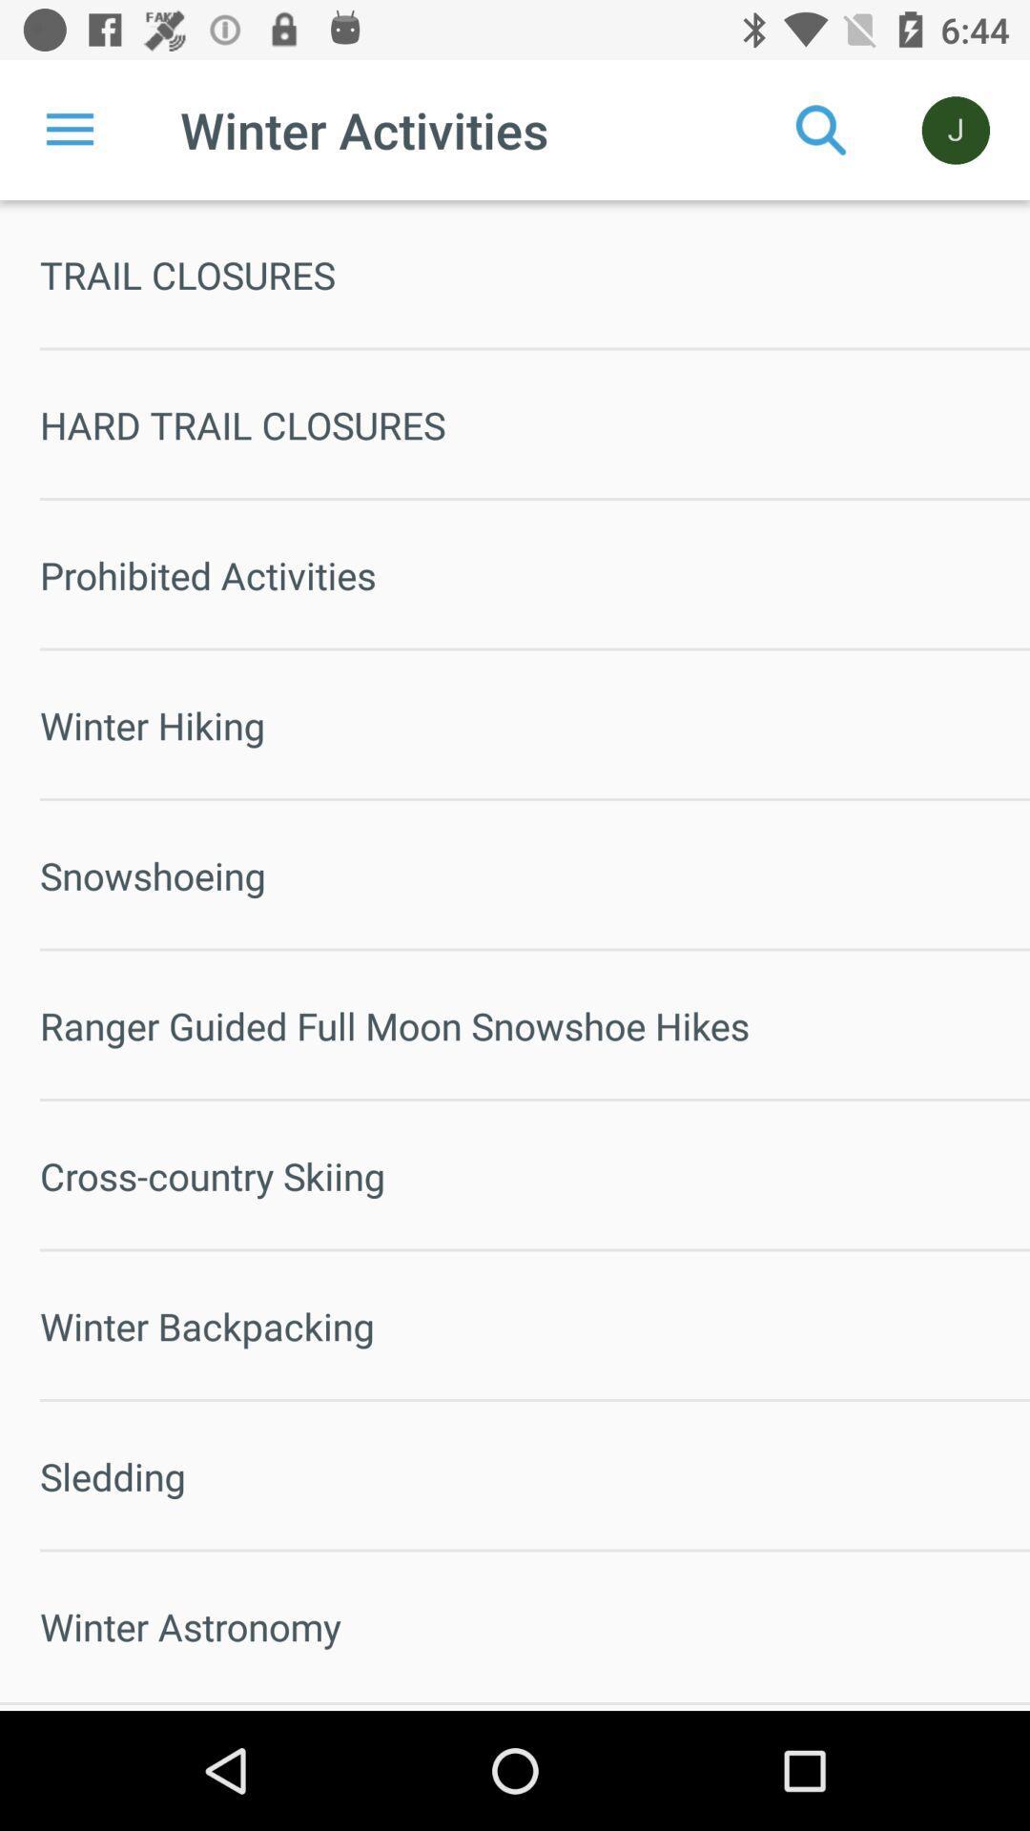 This screenshot has height=1831, width=1030. I want to click on the sledding item, so click(534, 1475).